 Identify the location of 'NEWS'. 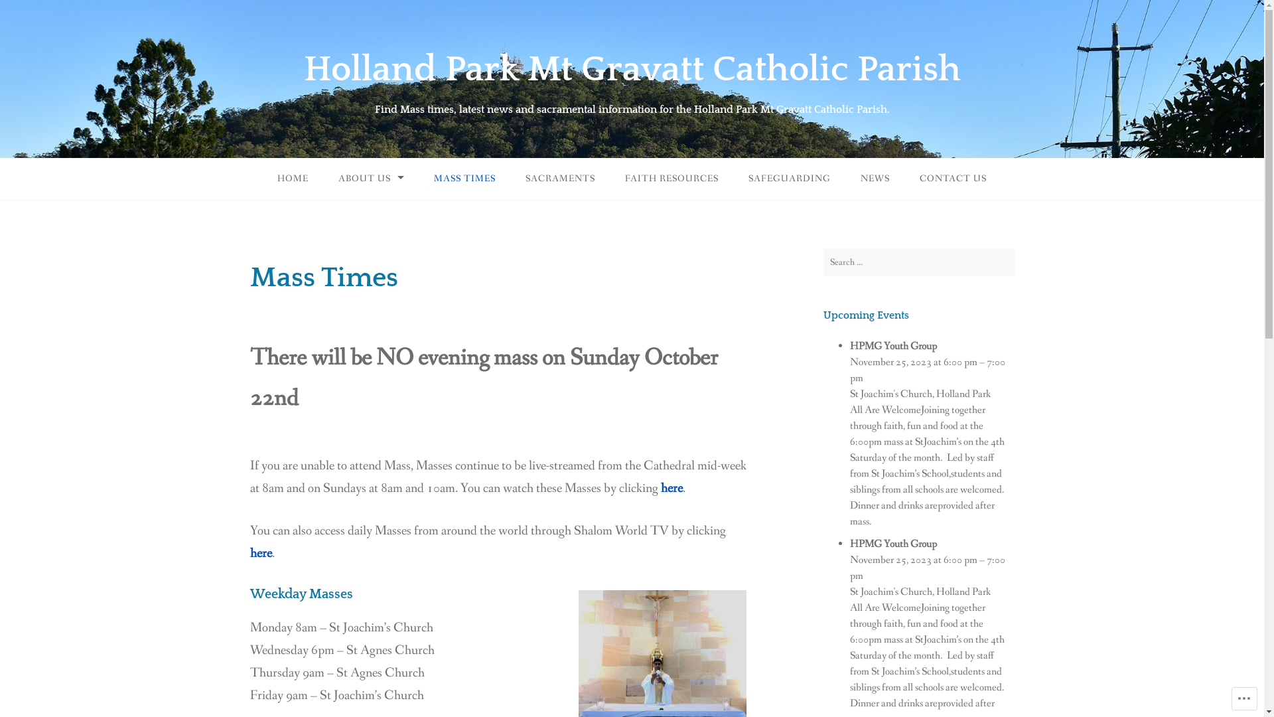
(846, 178).